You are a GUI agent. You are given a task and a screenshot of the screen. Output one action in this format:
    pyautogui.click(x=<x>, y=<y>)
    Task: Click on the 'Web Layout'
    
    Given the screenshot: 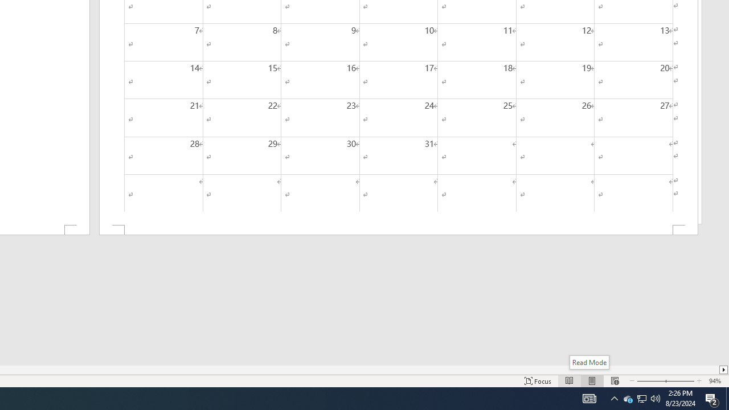 What is the action you would take?
    pyautogui.click(x=614, y=381)
    